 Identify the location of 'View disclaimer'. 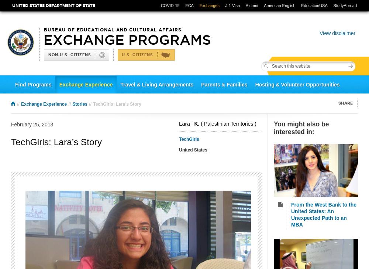
(337, 33).